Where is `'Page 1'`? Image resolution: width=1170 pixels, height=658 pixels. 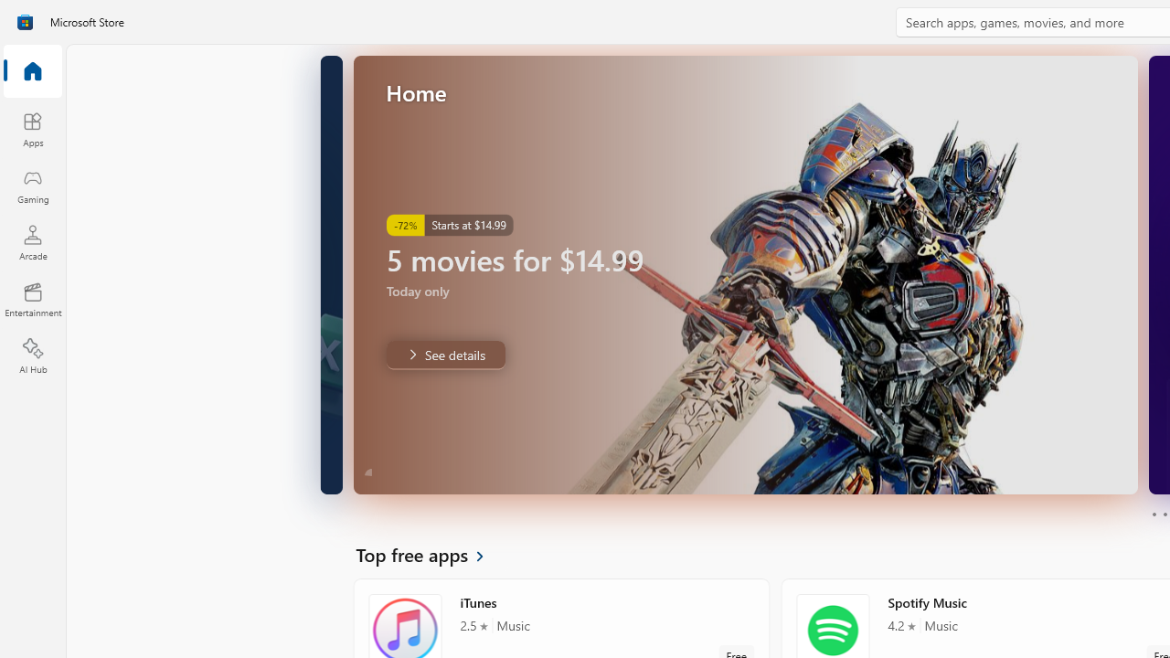
'Page 1' is located at coordinates (1153, 515).